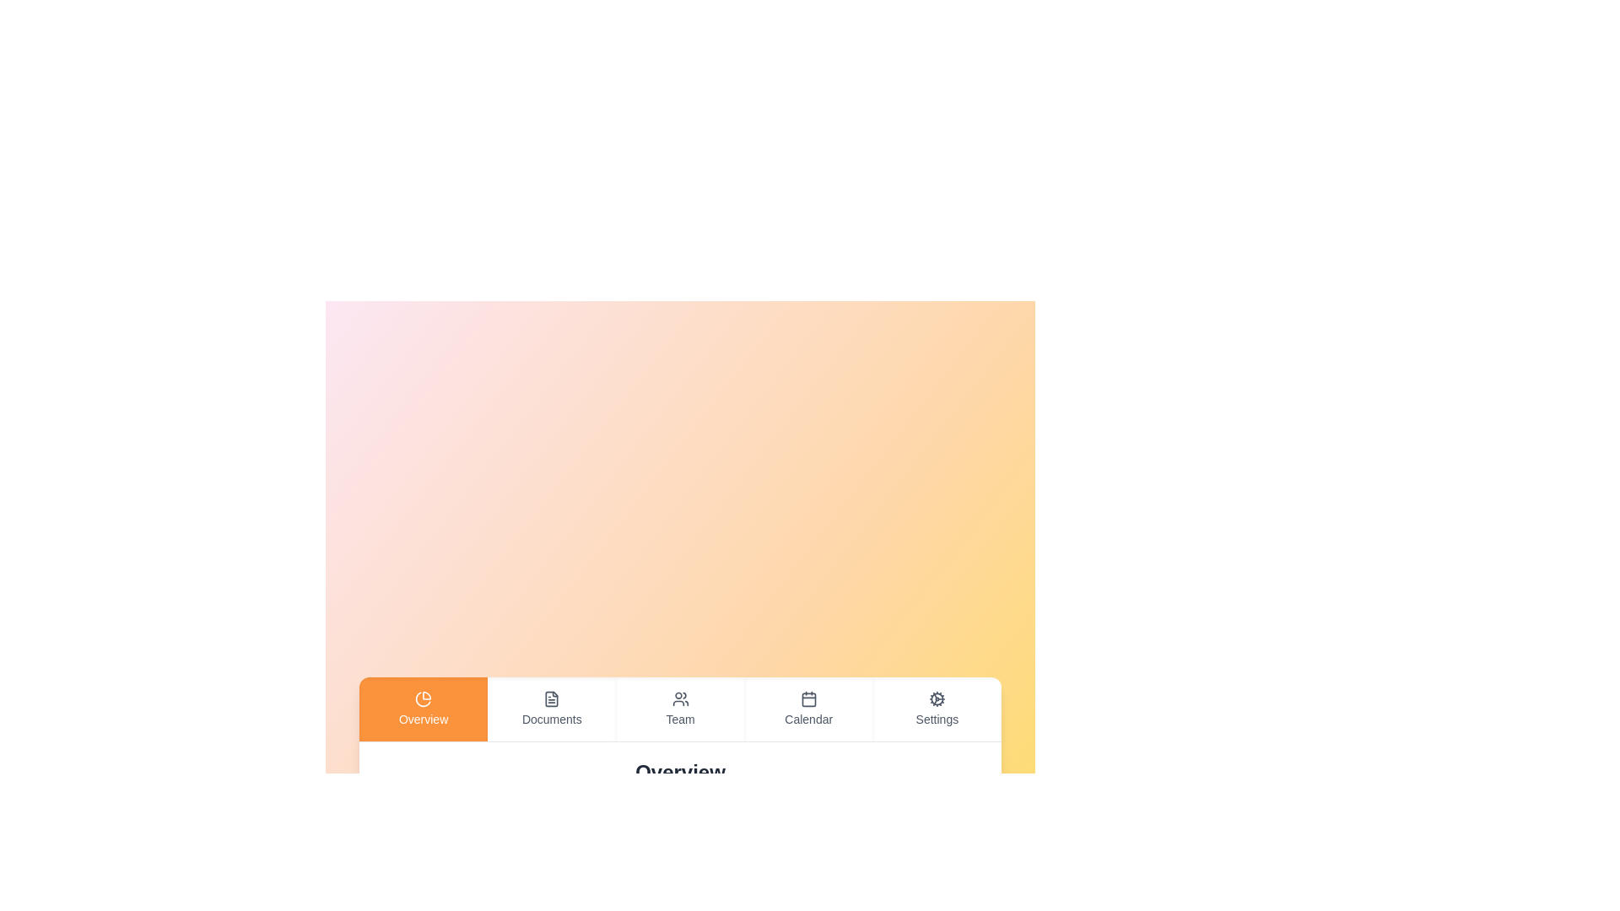 The width and height of the screenshot is (1620, 911). What do you see at coordinates (936, 698) in the screenshot?
I see `the cogwheel icon representing settings located at the rightmost end of the bottom navigation bar` at bounding box center [936, 698].